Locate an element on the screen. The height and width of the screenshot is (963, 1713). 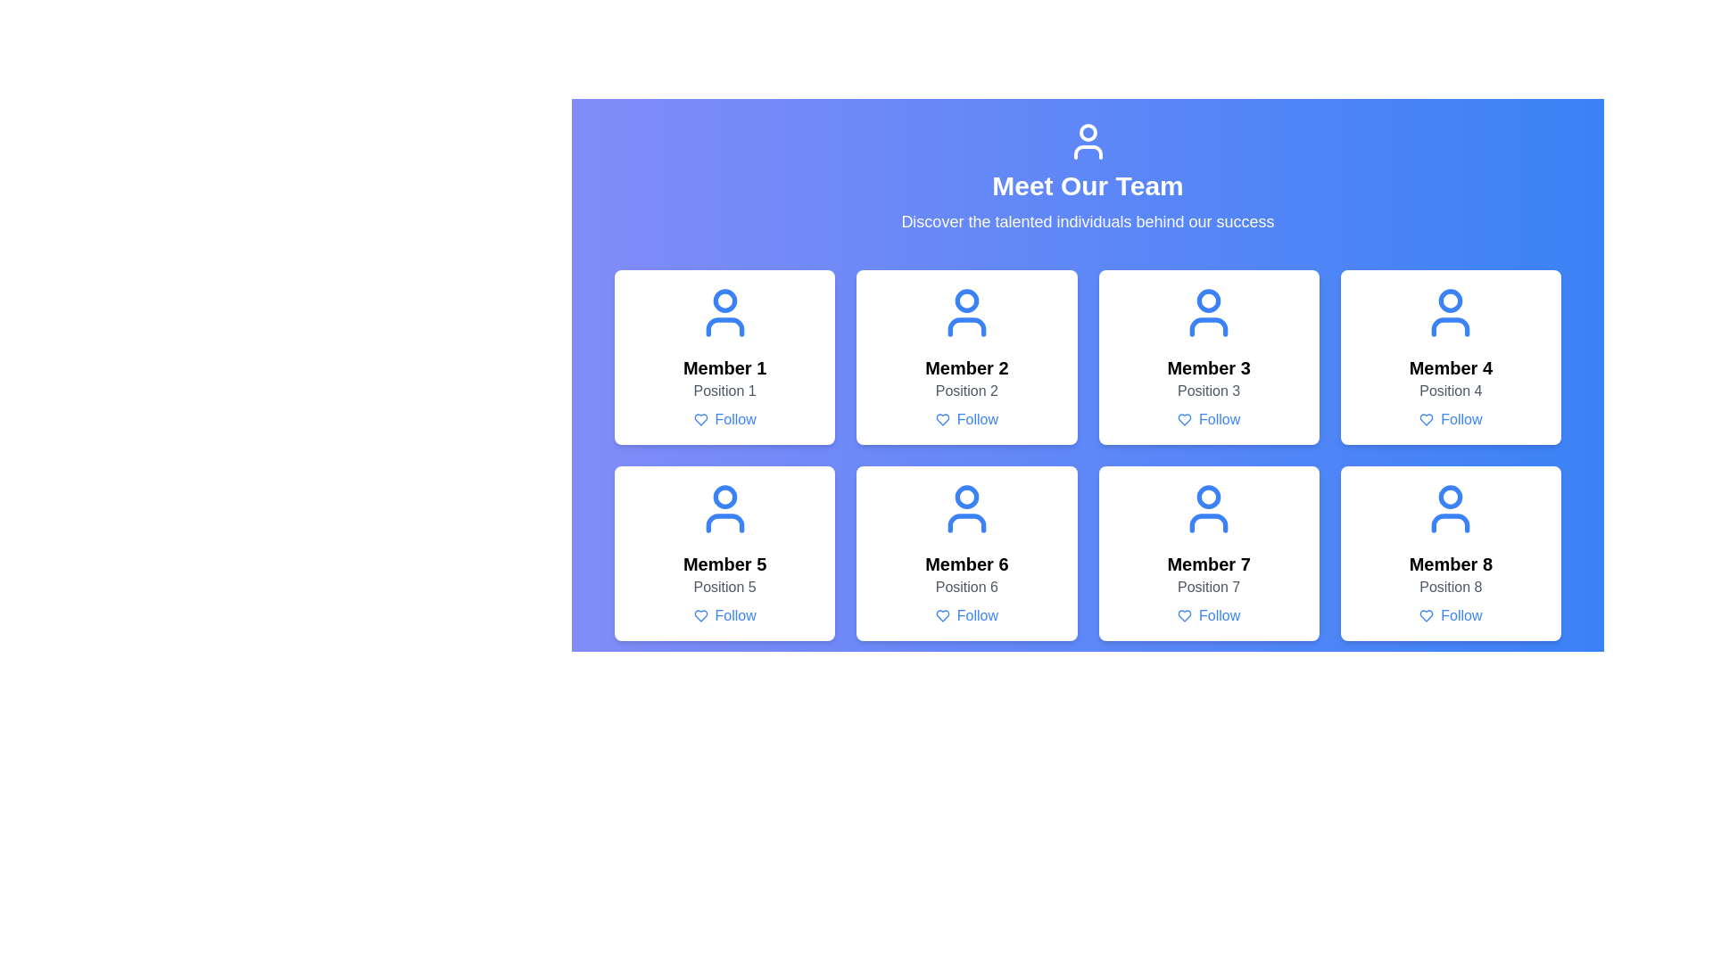
the user silhouette icon, which is blue and located in the upper section of the third box in the top row of the grid layout, centered above the text 'Member 3' and 'Position 3' is located at coordinates (1209, 312).